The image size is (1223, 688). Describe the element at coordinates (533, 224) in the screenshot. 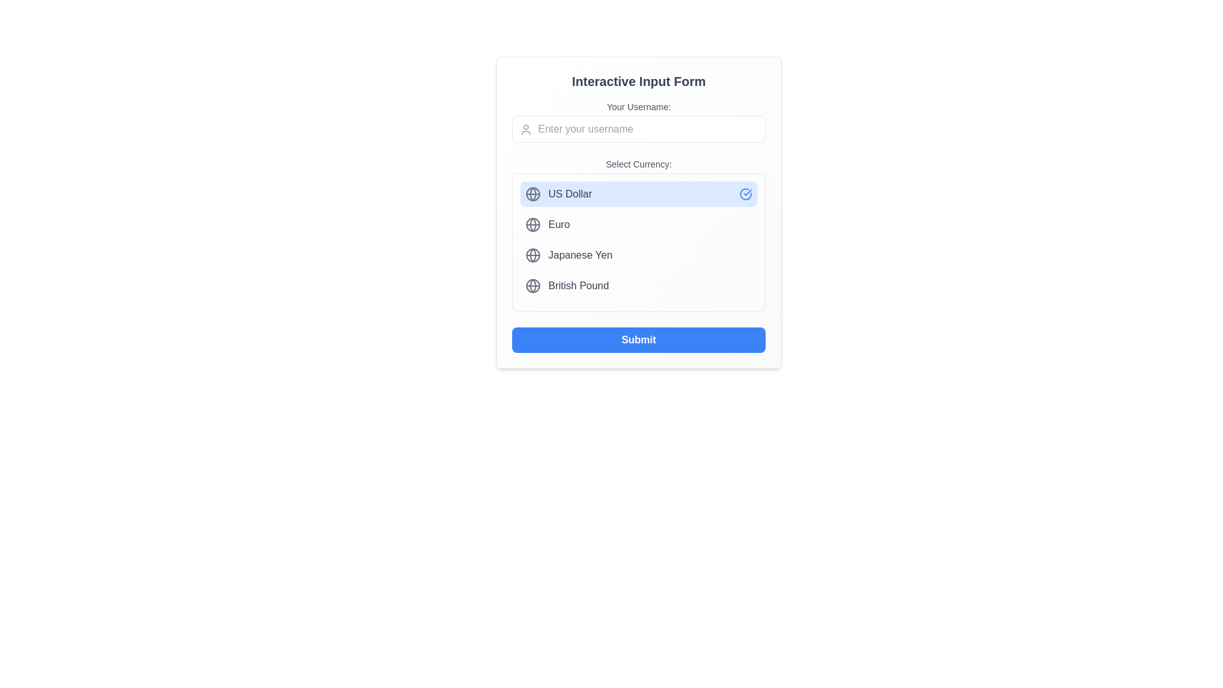

I see `the central circular part of the globe icon associated with the 'Euro' label in the dropdown list` at that location.